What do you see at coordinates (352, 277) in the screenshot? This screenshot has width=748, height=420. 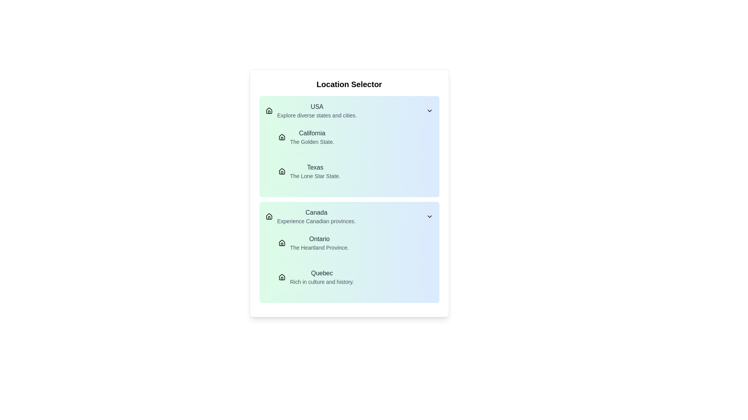 I see `the informational card representing Quebec located in the Canada section, below the Ontario card` at bounding box center [352, 277].